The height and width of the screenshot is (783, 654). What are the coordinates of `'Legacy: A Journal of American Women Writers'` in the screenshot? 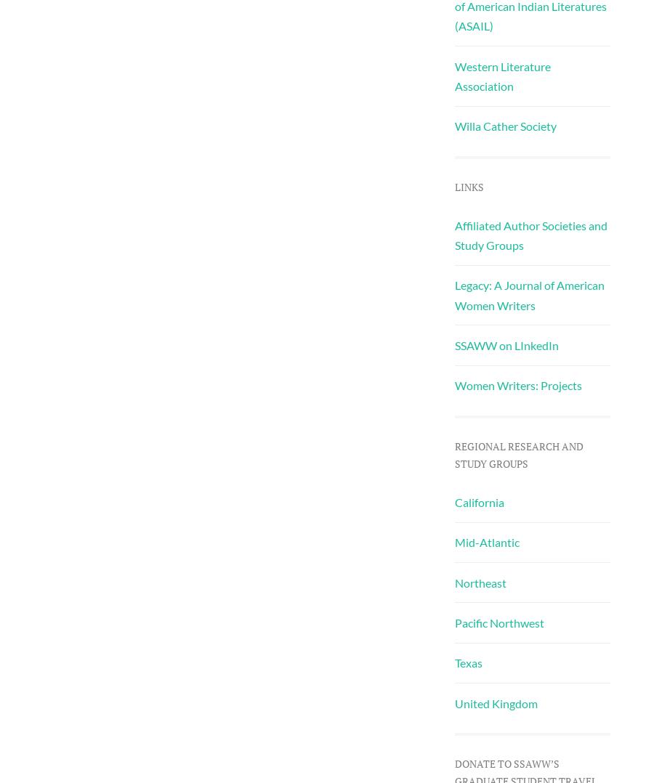 It's located at (528, 293).